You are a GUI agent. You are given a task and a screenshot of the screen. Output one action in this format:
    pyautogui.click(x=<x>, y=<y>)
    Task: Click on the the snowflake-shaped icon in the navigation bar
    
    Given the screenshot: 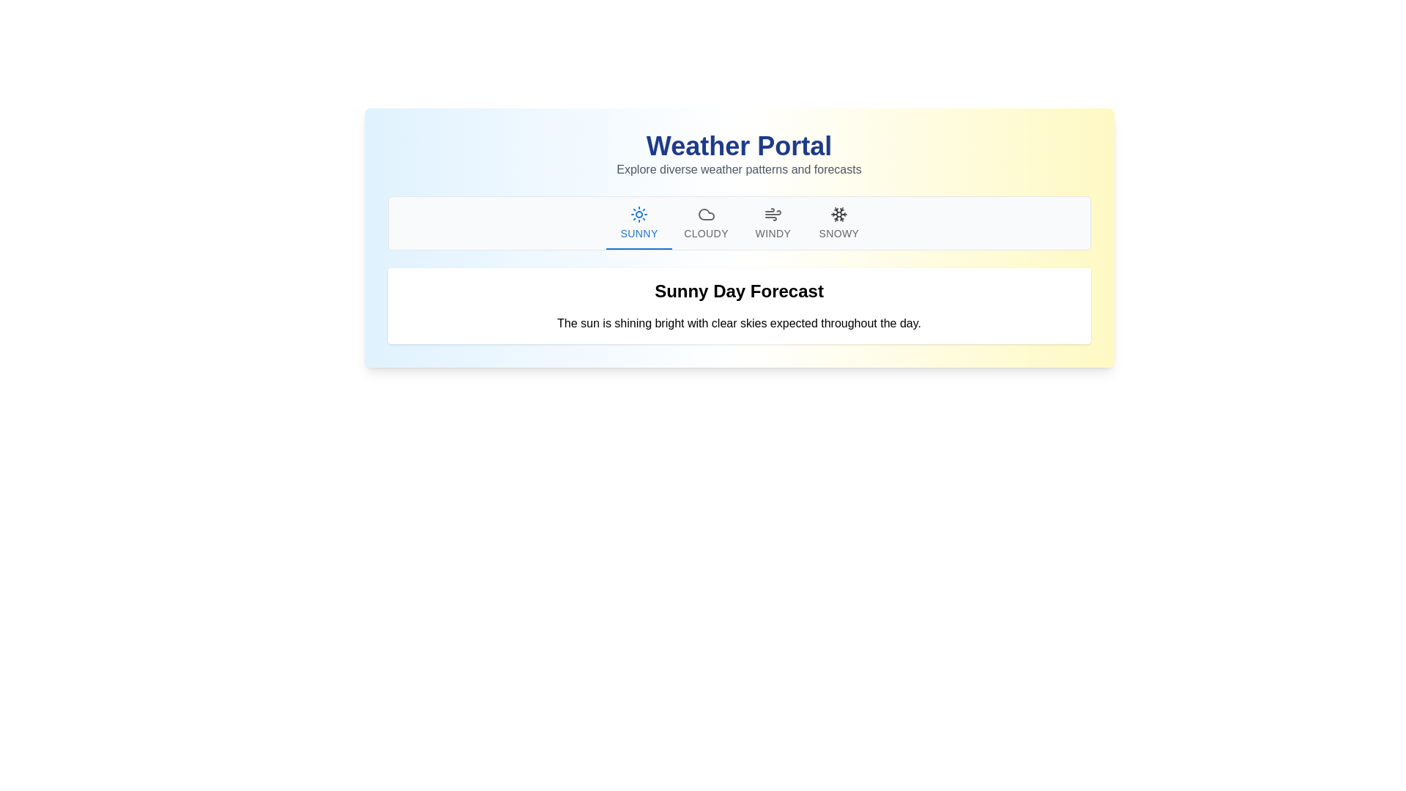 What is the action you would take?
    pyautogui.click(x=838, y=215)
    